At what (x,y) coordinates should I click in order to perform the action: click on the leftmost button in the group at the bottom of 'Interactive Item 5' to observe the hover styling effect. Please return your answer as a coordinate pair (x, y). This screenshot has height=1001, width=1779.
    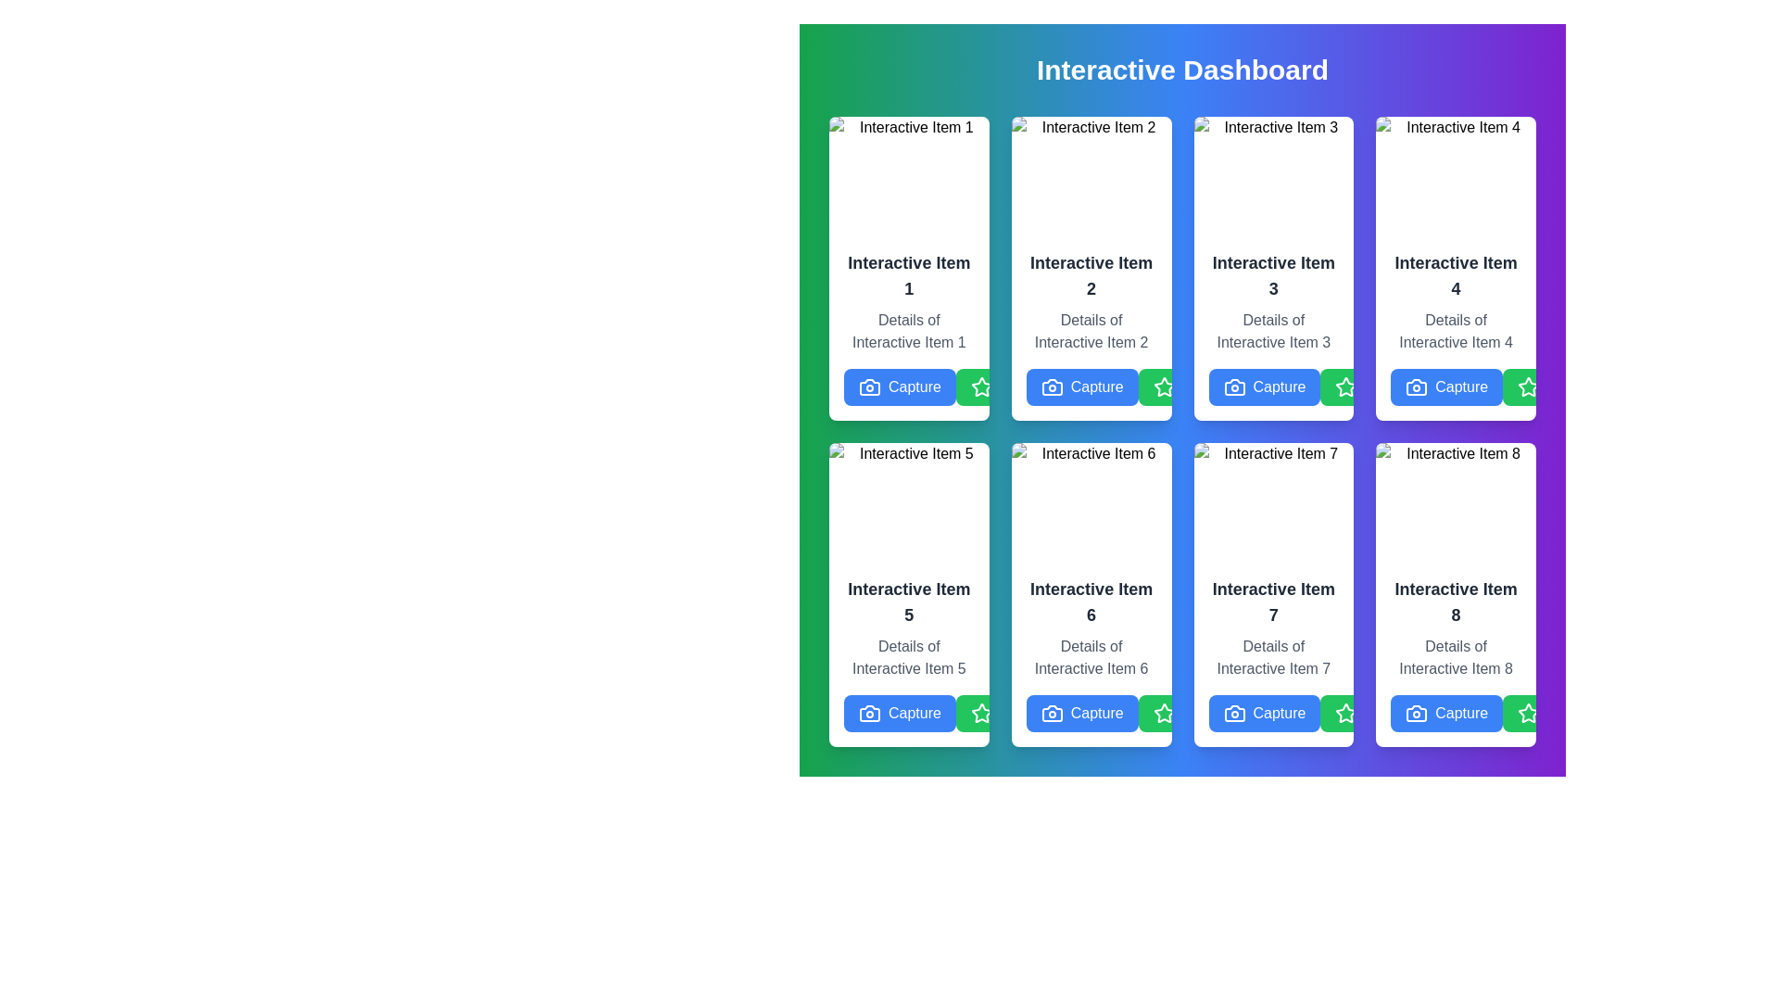
    Looking at the image, I should click on (900, 713).